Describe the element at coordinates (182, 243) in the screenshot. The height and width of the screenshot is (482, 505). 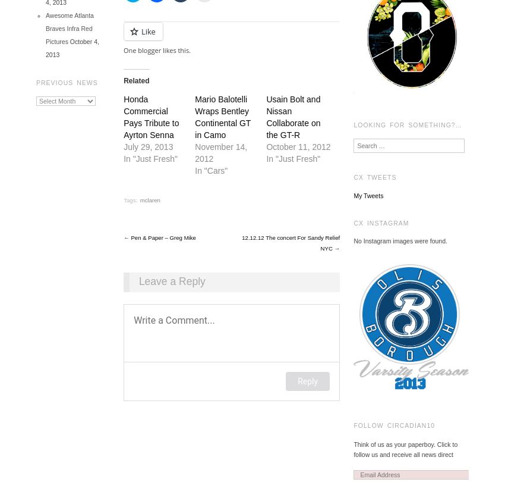
I see `'Post navigation'` at that location.